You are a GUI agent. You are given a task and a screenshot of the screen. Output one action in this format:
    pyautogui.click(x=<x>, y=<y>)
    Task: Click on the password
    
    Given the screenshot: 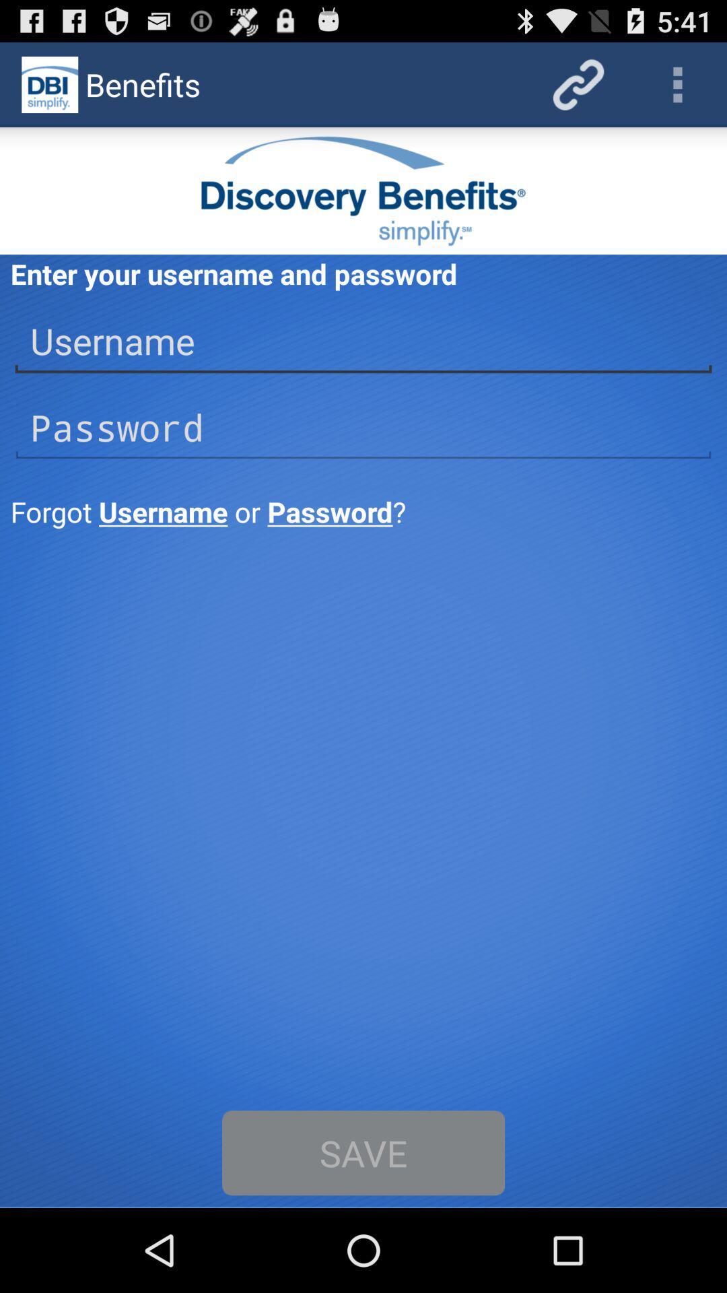 What is the action you would take?
    pyautogui.click(x=363, y=427)
    